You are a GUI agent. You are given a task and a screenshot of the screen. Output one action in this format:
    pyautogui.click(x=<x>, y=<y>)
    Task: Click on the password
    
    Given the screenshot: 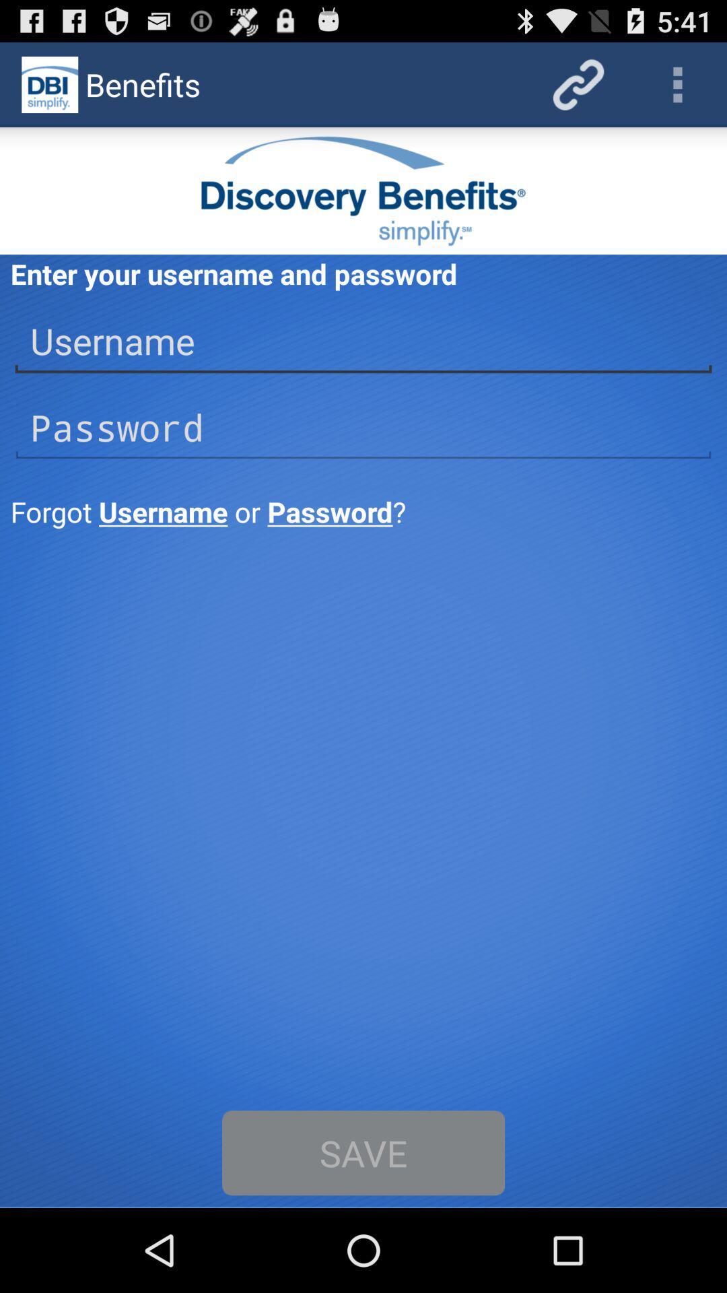 What is the action you would take?
    pyautogui.click(x=363, y=427)
    